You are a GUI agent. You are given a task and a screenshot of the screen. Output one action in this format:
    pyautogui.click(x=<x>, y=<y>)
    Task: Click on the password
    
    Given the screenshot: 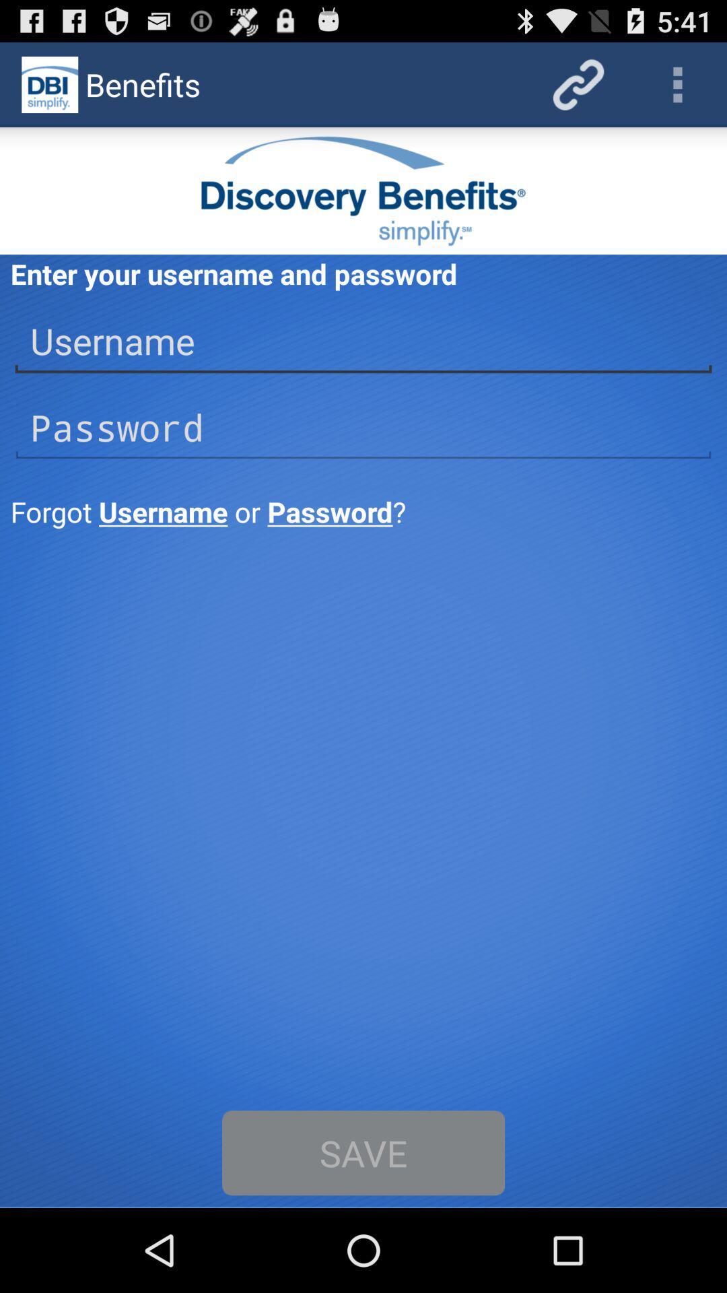 What is the action you would take?
    pyautogui.click(x=363, y=427)
    